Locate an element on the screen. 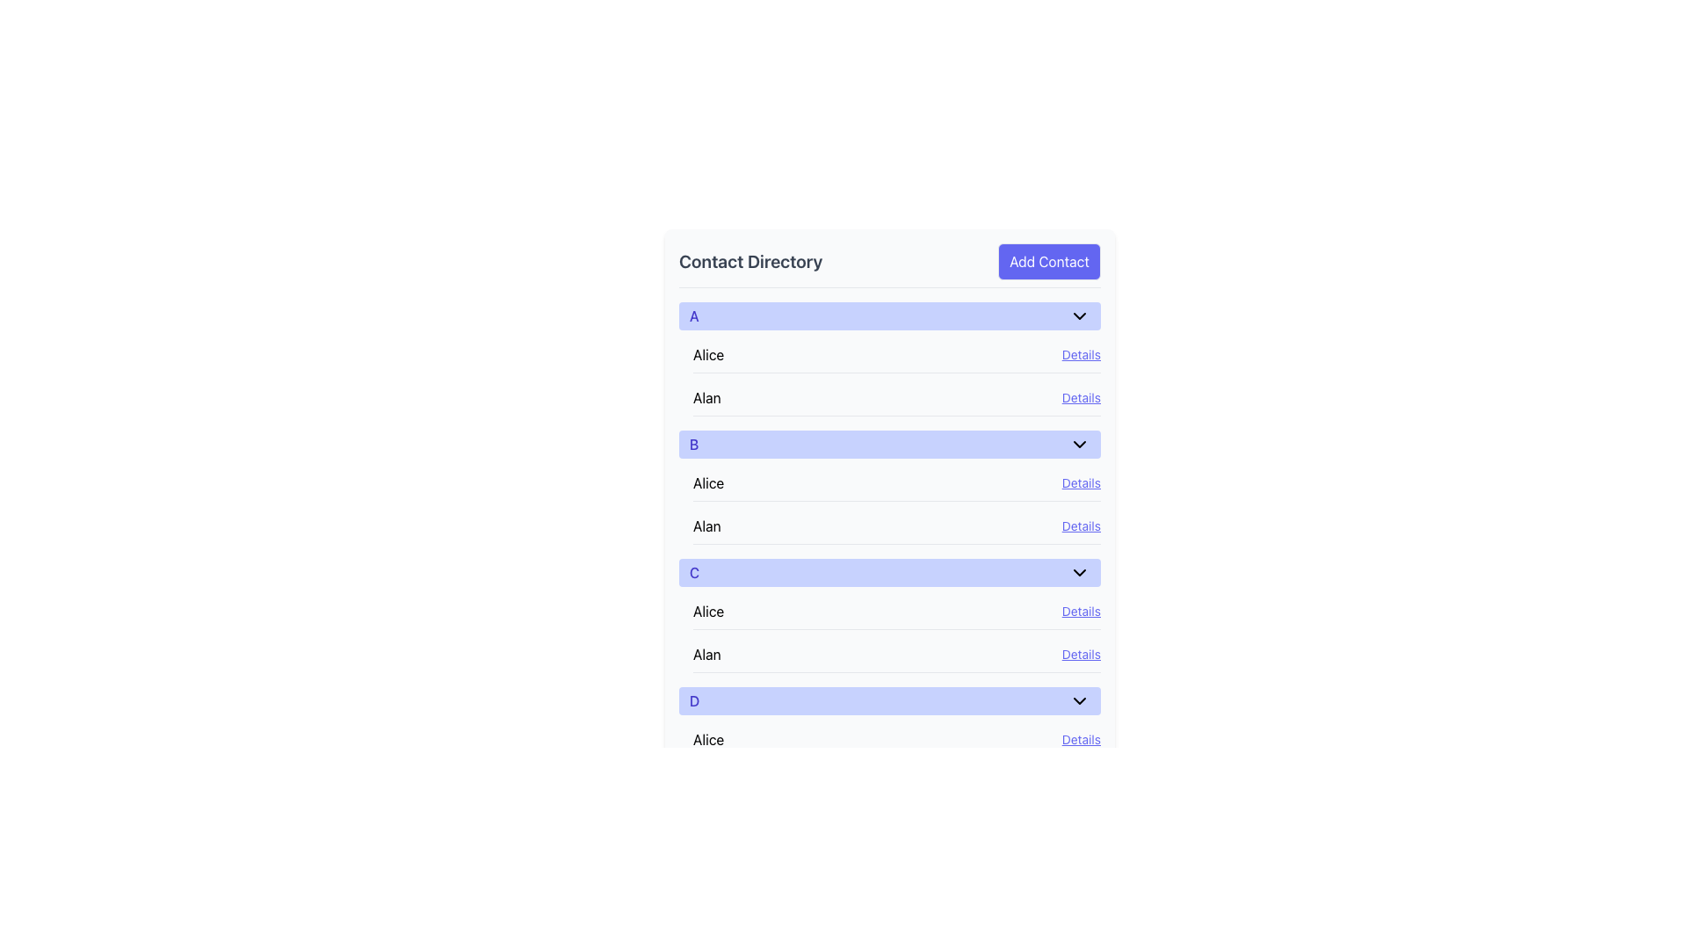 The image size is (1687, 949). the text label representing the contact entry 'Alice' in the directory is located at coordinates (708, 355).